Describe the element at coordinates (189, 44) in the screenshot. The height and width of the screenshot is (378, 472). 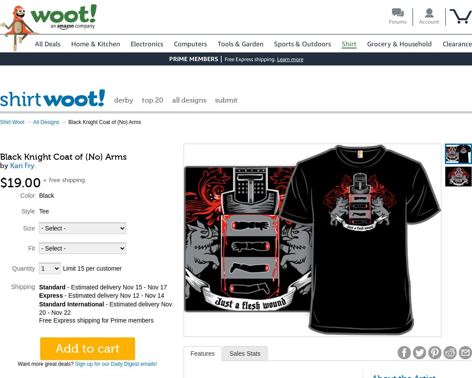
I see `'Computers'` at that location.